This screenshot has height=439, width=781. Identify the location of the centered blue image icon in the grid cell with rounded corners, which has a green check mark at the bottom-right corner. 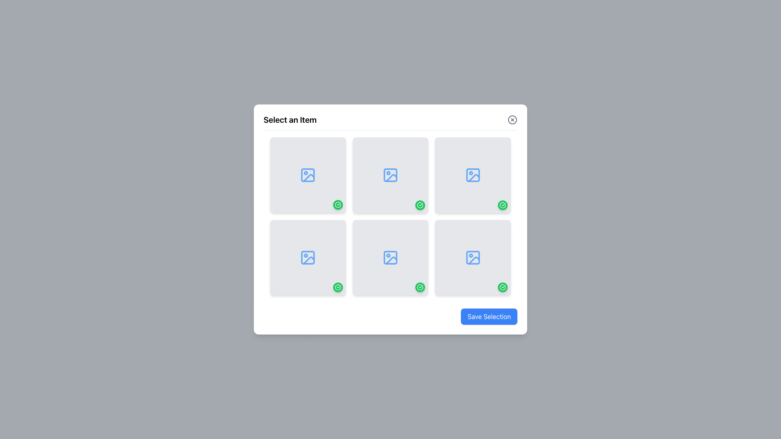
(390, 175).